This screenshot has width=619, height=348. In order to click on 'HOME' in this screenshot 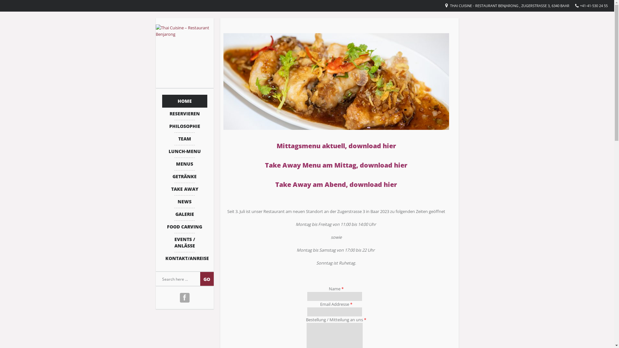, I will do `click(184, 101)`.